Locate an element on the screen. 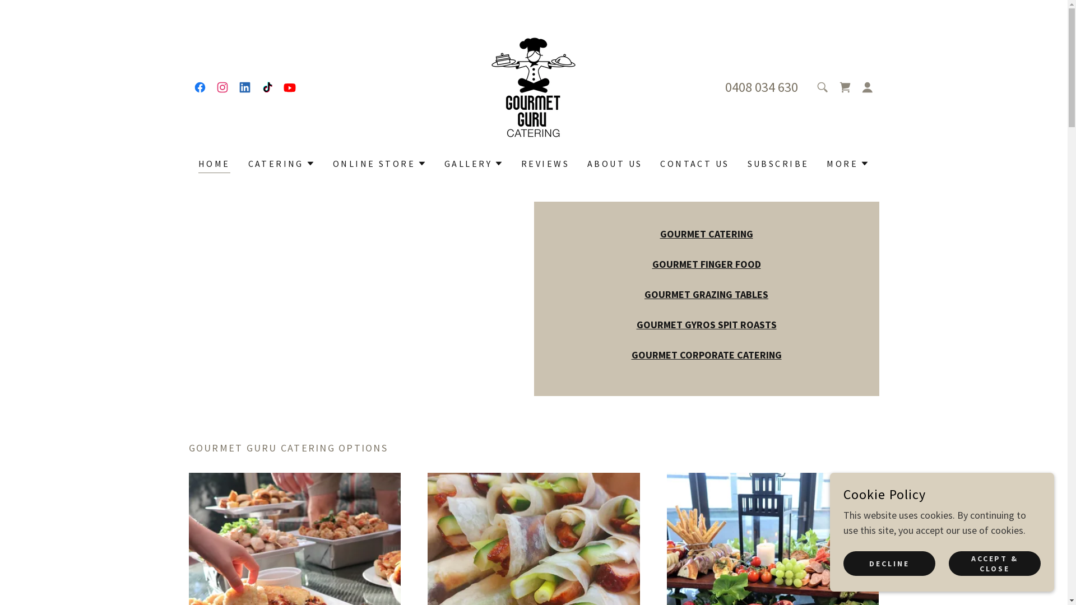  'Gourmet Guru' is located at coordinates (532, 85).